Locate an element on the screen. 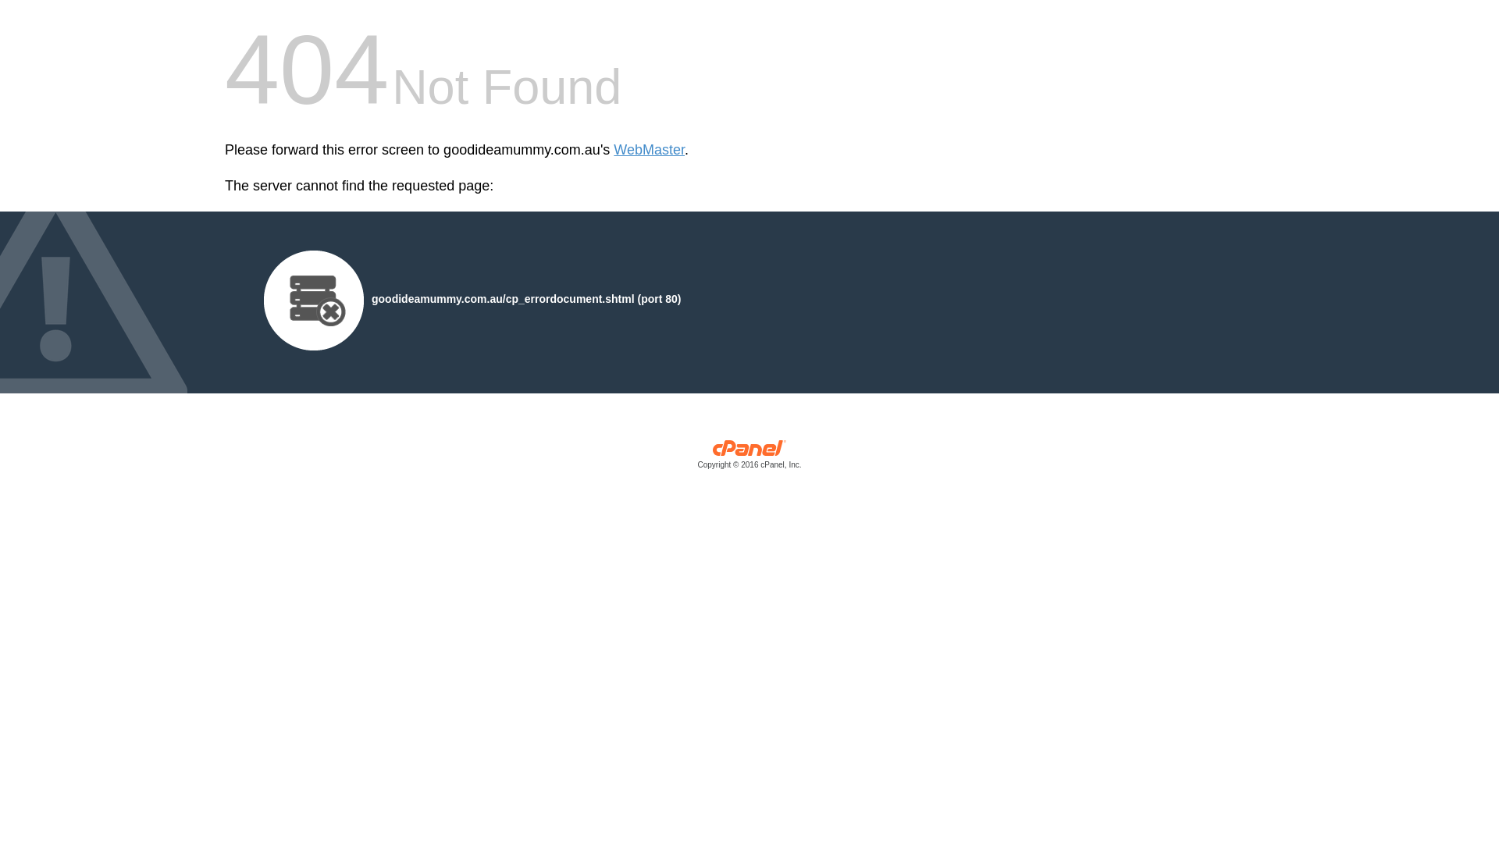 The image size is (1499, 843). 'WebMaster' is located at coordinates (649, 150).